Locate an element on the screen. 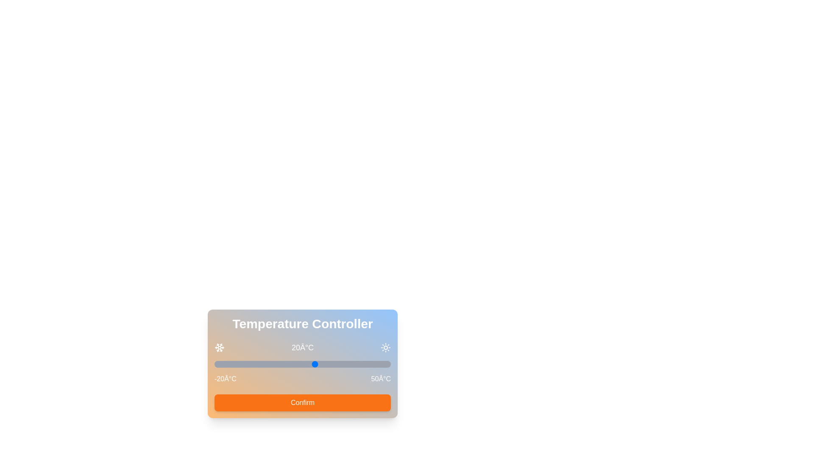  the temperature slider to -18°C is located at coordinates (219, 364).